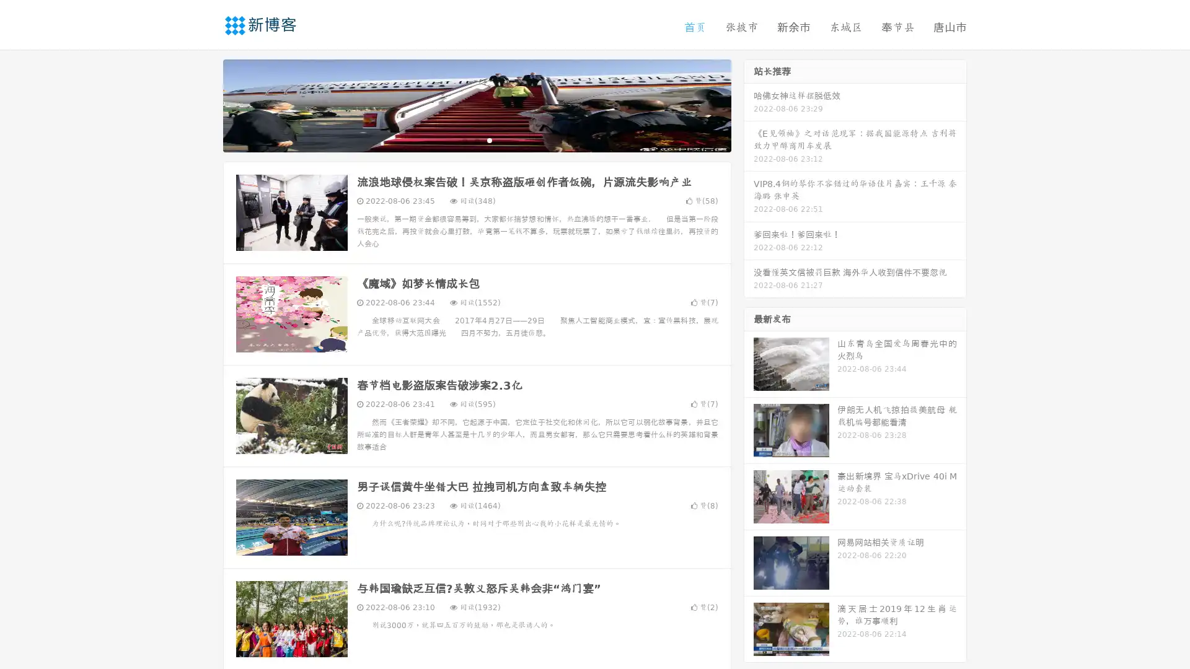 This screenshot has height=669, width=1190. What do you see at coordinates (476, 139) in the screenshot?
I see `Go to slide 2` at bounding box center [476, 139].